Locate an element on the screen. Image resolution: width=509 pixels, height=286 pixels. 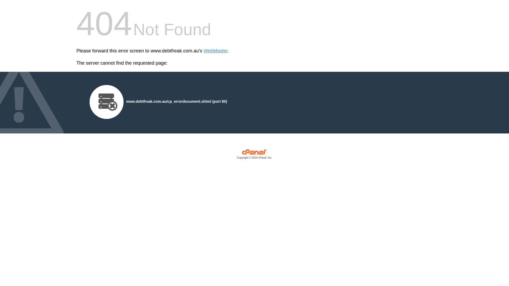
'WebMaster' is located at coordinates (216, 51).